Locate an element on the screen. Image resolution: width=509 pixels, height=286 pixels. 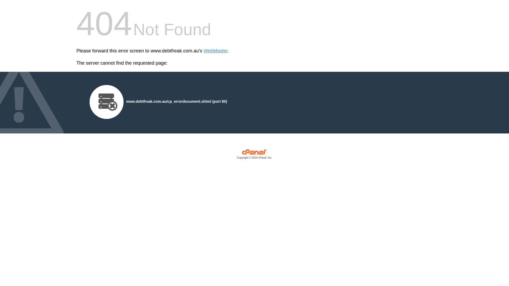
'WebMaster' is located at coordinates (216, 51).